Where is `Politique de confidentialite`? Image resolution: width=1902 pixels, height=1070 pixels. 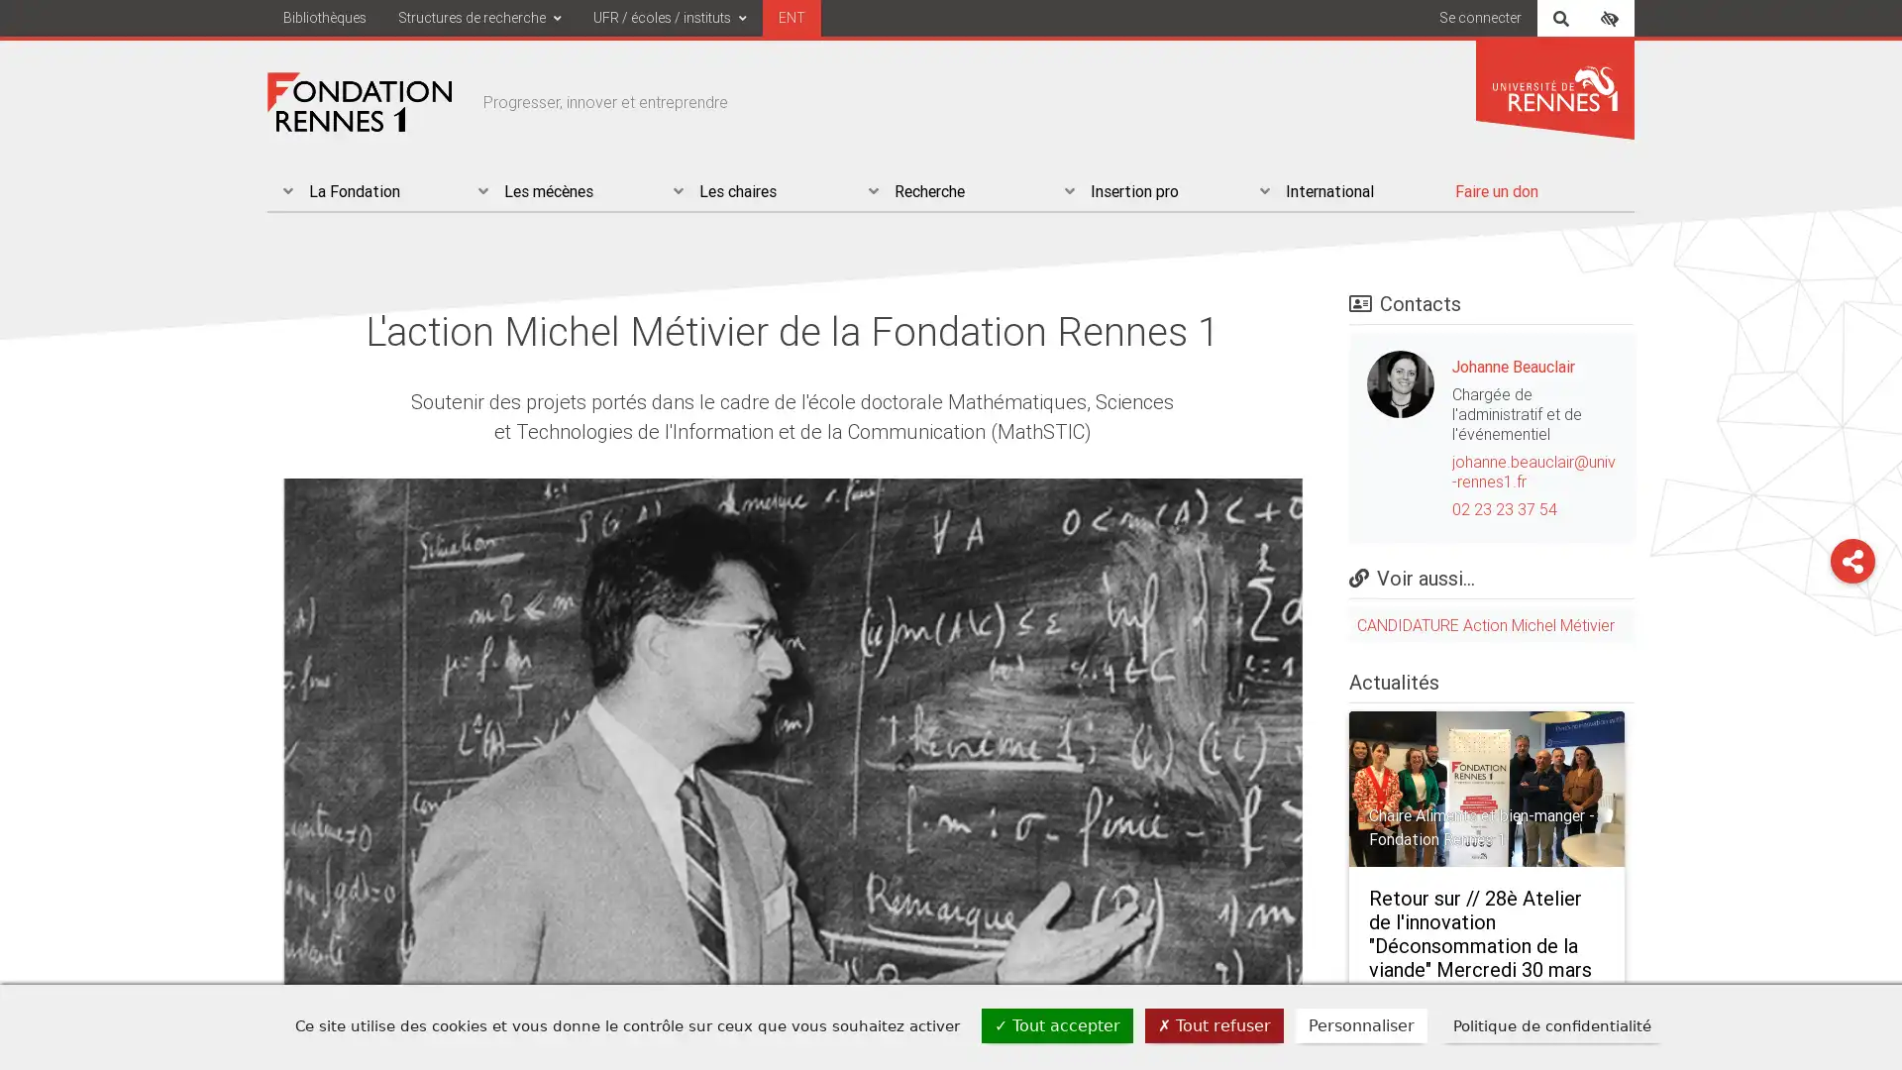
Politique de confidentialite is located at coordinates (1550, 1024).